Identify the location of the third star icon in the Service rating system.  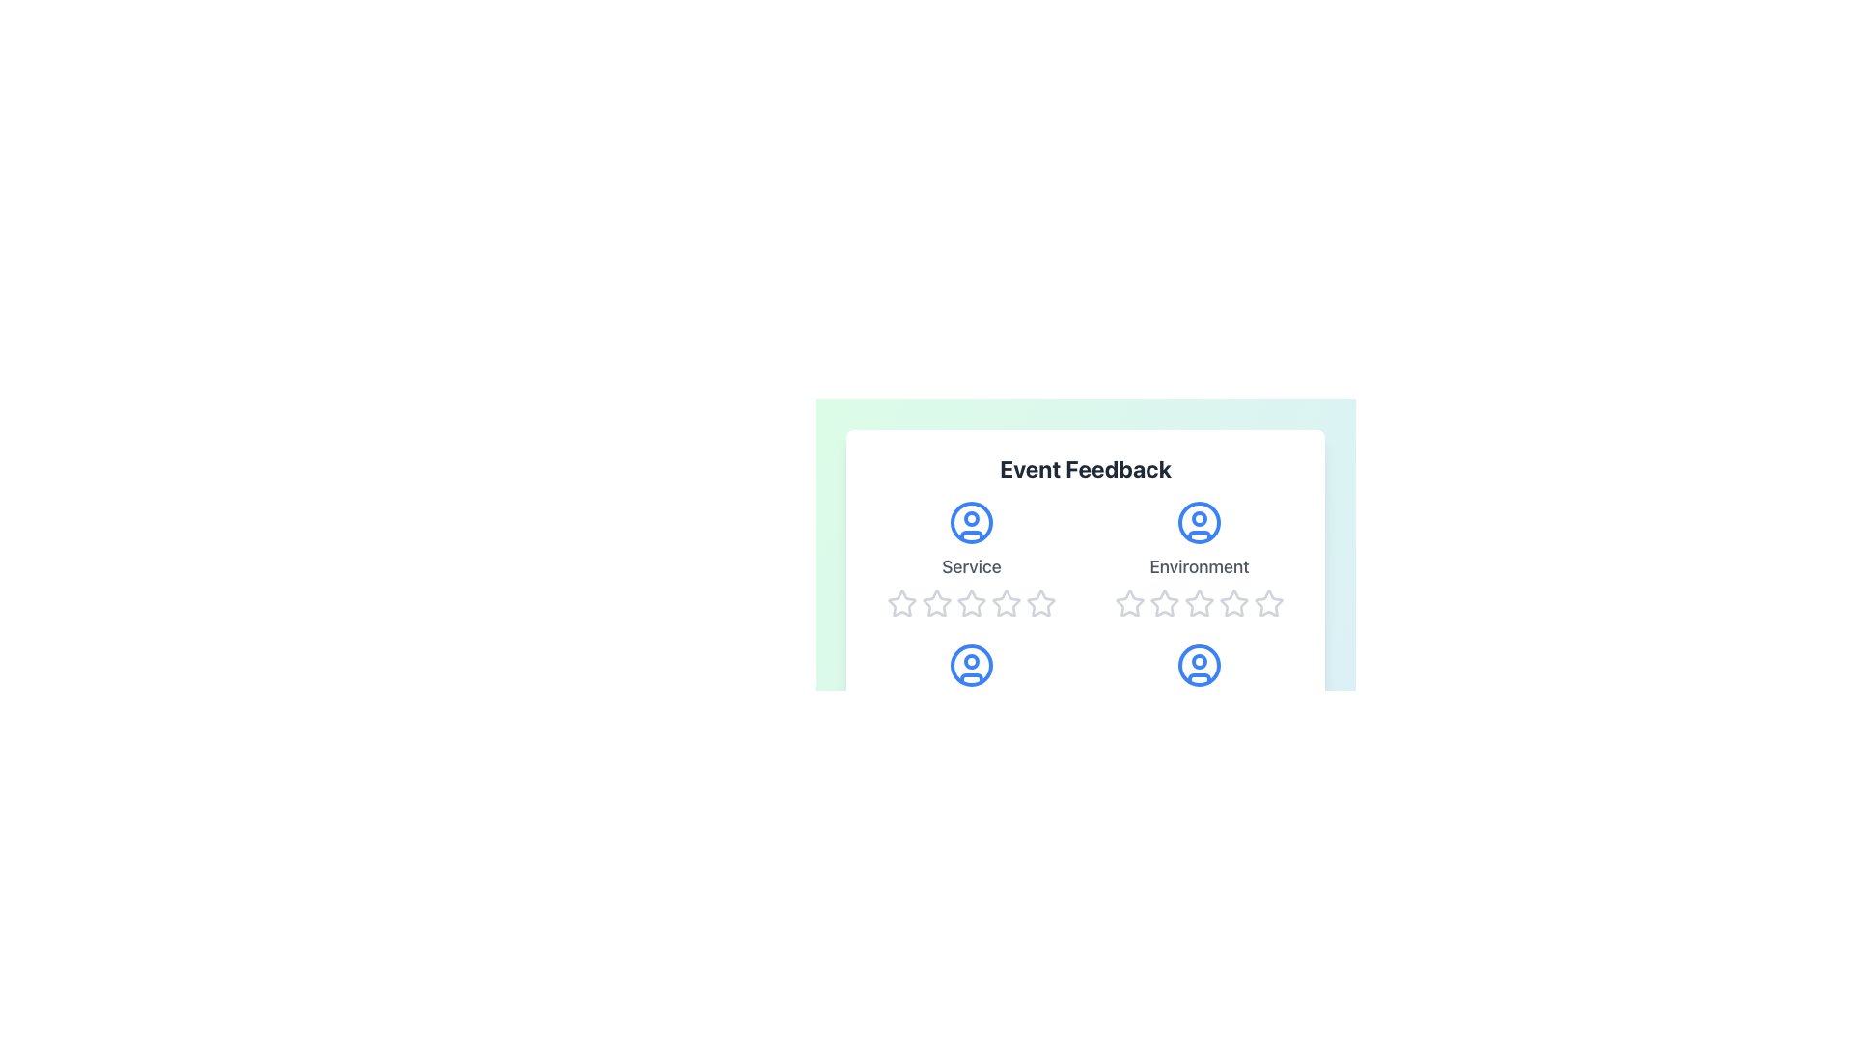
(1005, 602).